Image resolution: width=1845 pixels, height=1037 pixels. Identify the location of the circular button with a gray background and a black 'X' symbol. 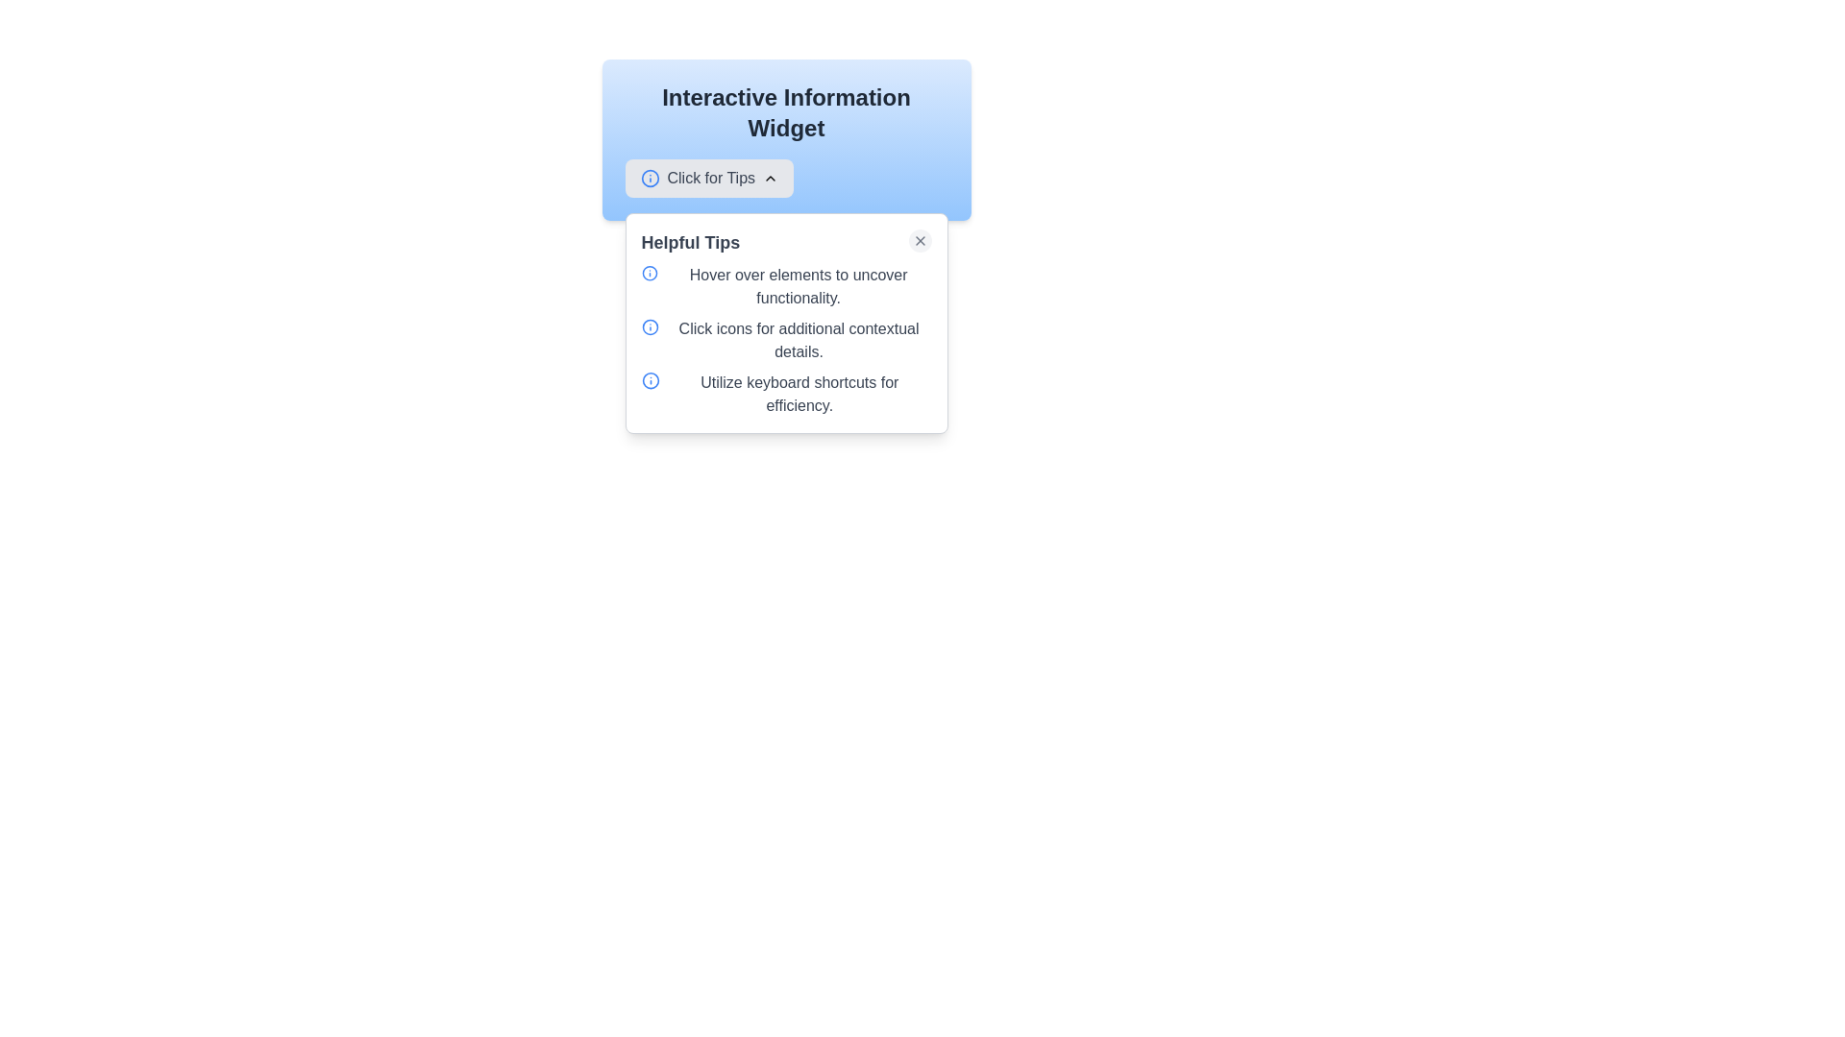
(919, 239).